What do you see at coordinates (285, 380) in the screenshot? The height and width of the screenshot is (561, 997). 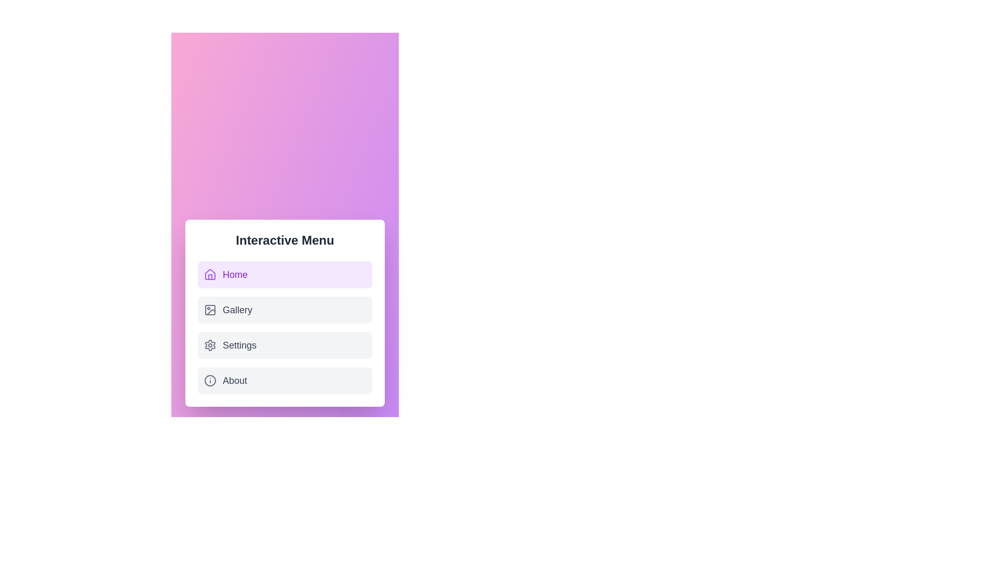 I see `the tab labeled About to switch to that tab` at bounding box center [285, 380].